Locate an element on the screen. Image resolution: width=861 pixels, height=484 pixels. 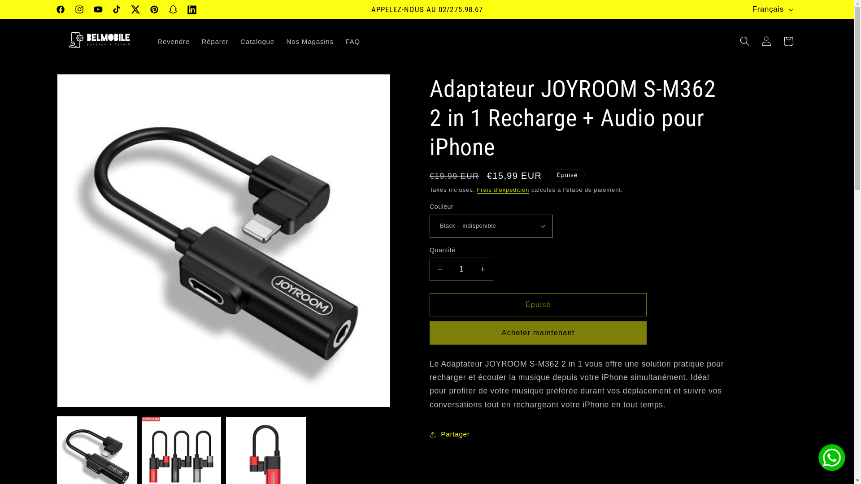
'Vimeo' is located at coordinates (182, 10).